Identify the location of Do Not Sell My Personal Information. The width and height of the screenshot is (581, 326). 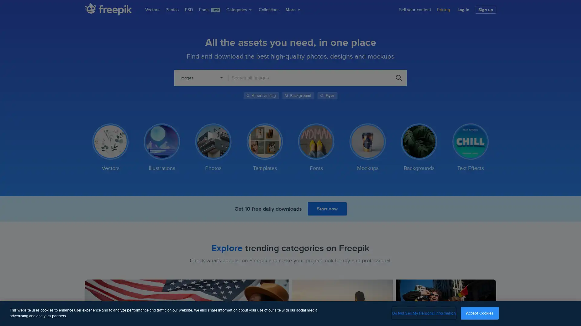
(423, 313).